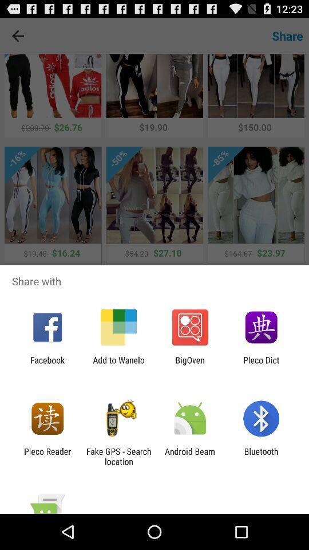  I want to click on the app to the left of the add to wanelo item, so click(47, 364).